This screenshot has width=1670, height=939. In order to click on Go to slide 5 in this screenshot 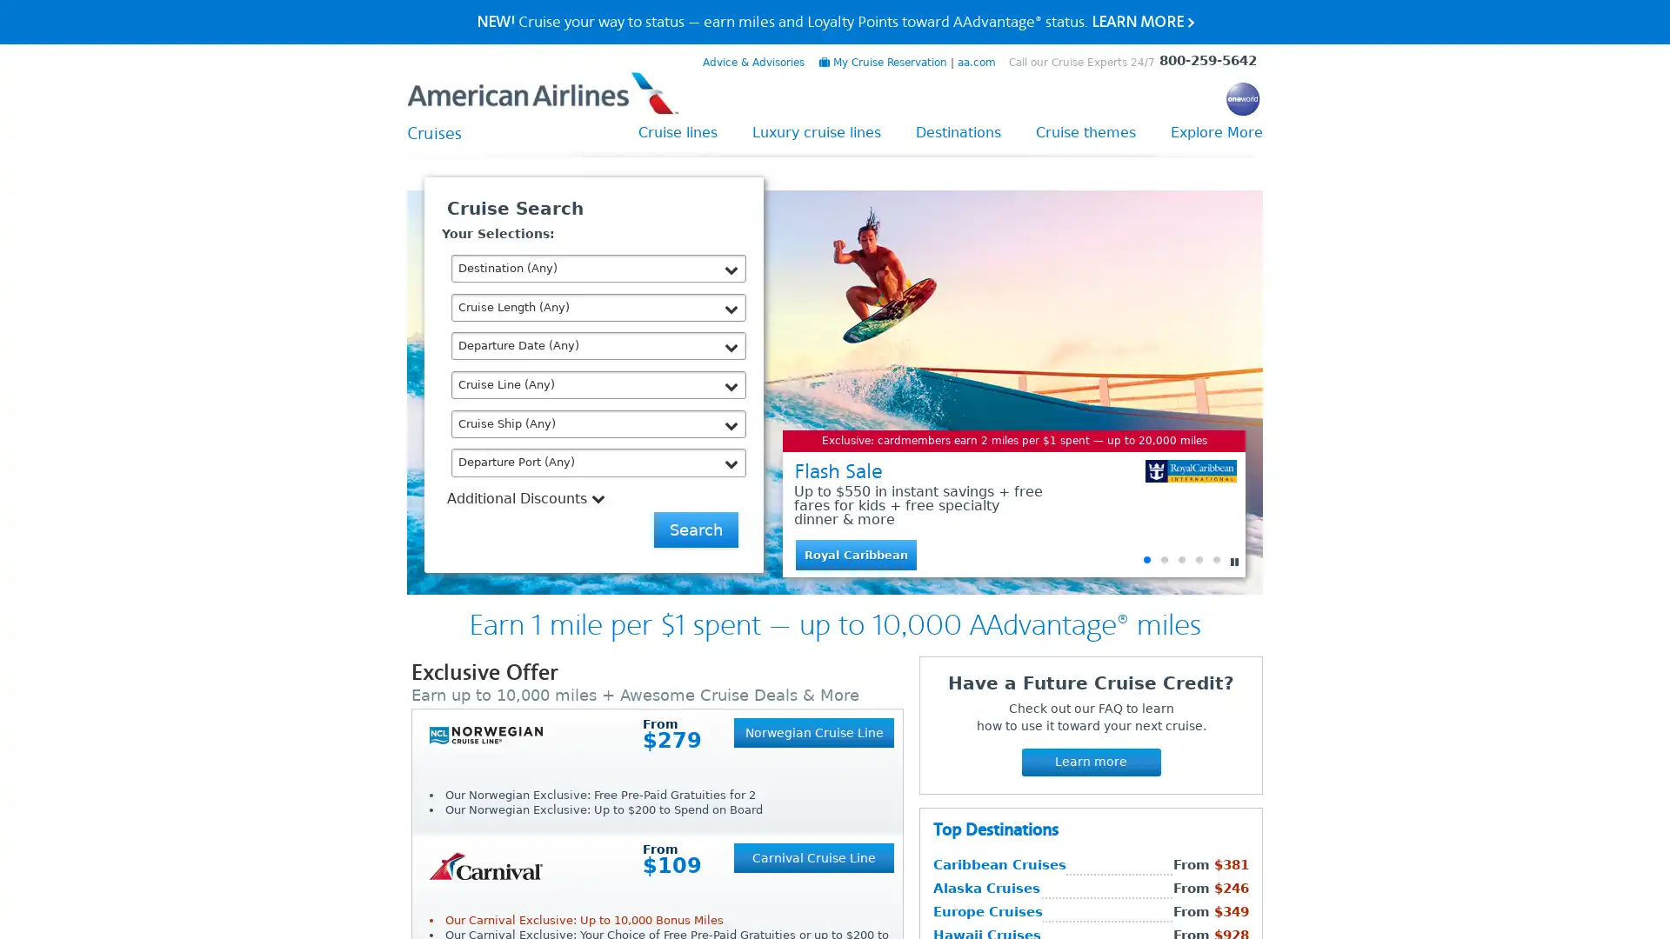, I will do `click(1214, 560)`.